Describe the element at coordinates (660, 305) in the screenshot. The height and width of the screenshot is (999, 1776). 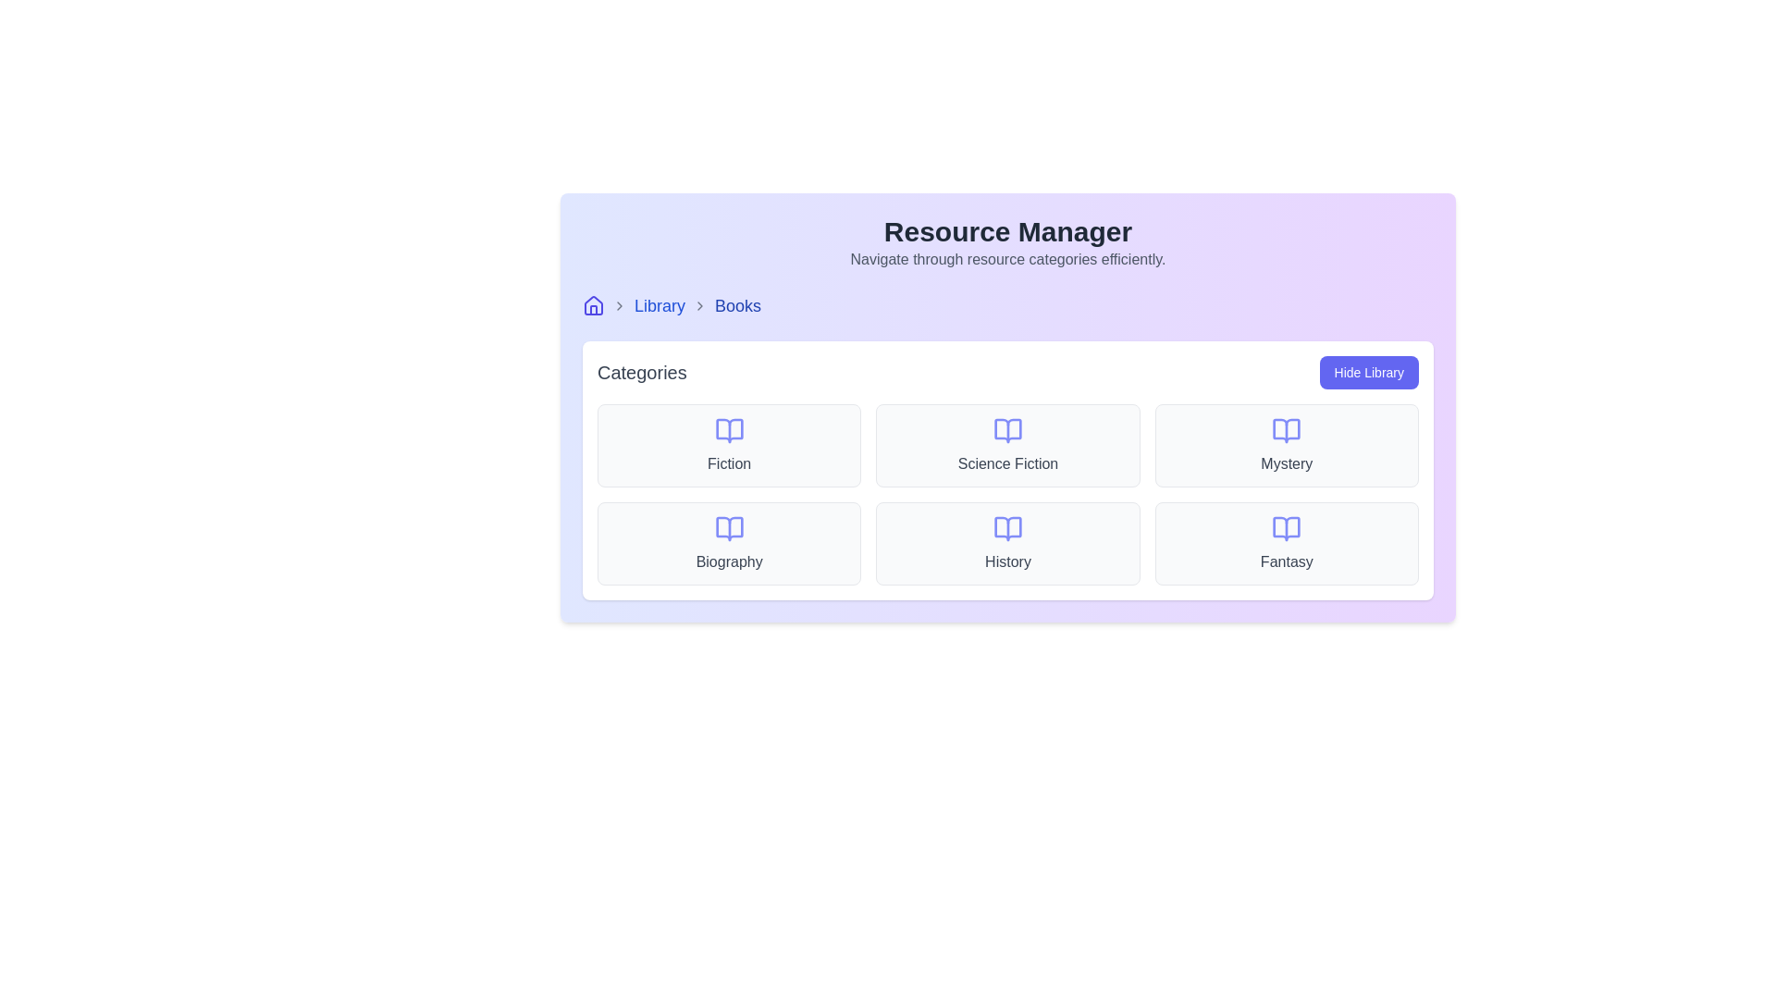
I see `the 'Library' hyperlink in the breadcrumb navigation section` at that location.